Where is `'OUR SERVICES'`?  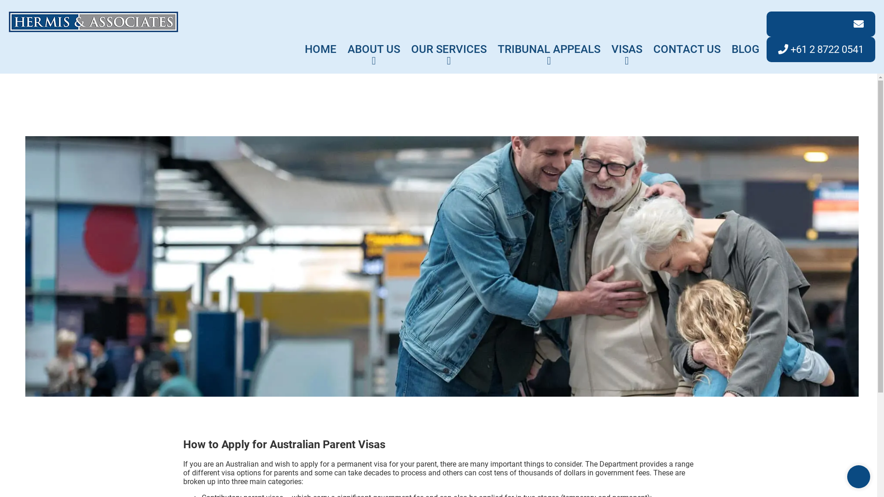
'OUR SERVICES' is located at coordinates (448, 44).